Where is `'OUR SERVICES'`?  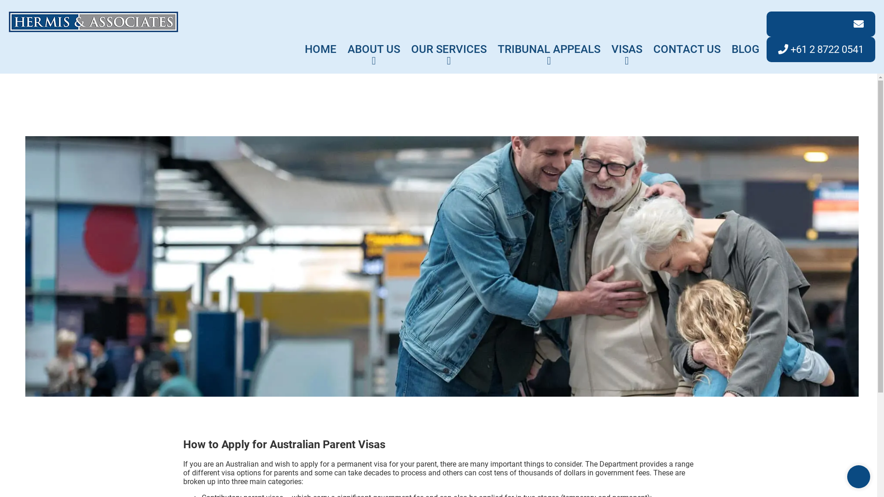
'OUR SERVICES' is located at coordinates (448, 44).